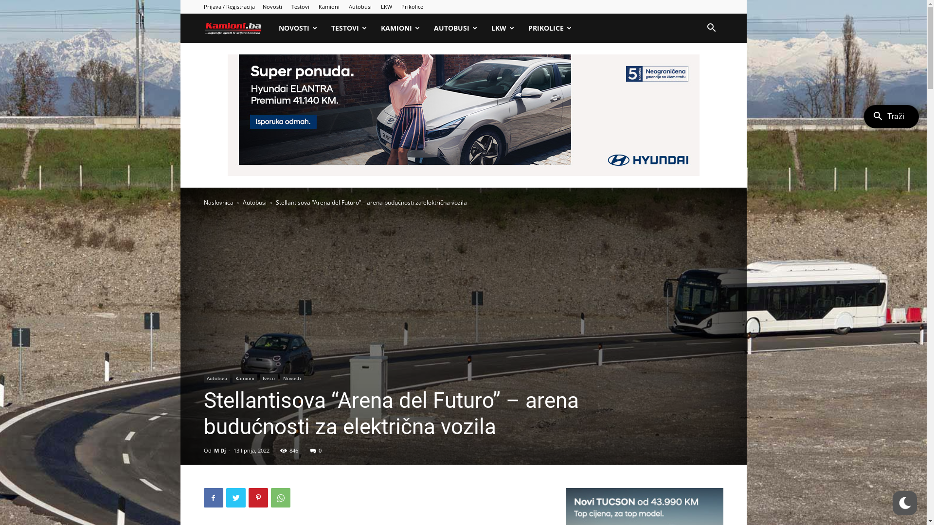  I want to click on '0', so click(316, 450).